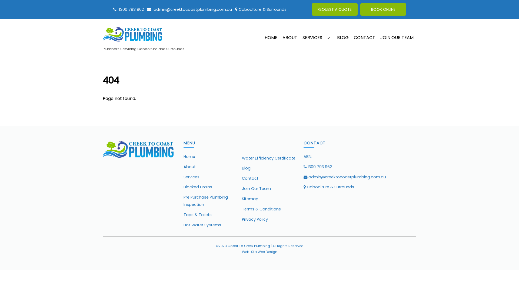 This screenshot has width=519, height=291. Describe the element at coordinates (262, 38) in the screenshot. I see `'HOME'` at that location.